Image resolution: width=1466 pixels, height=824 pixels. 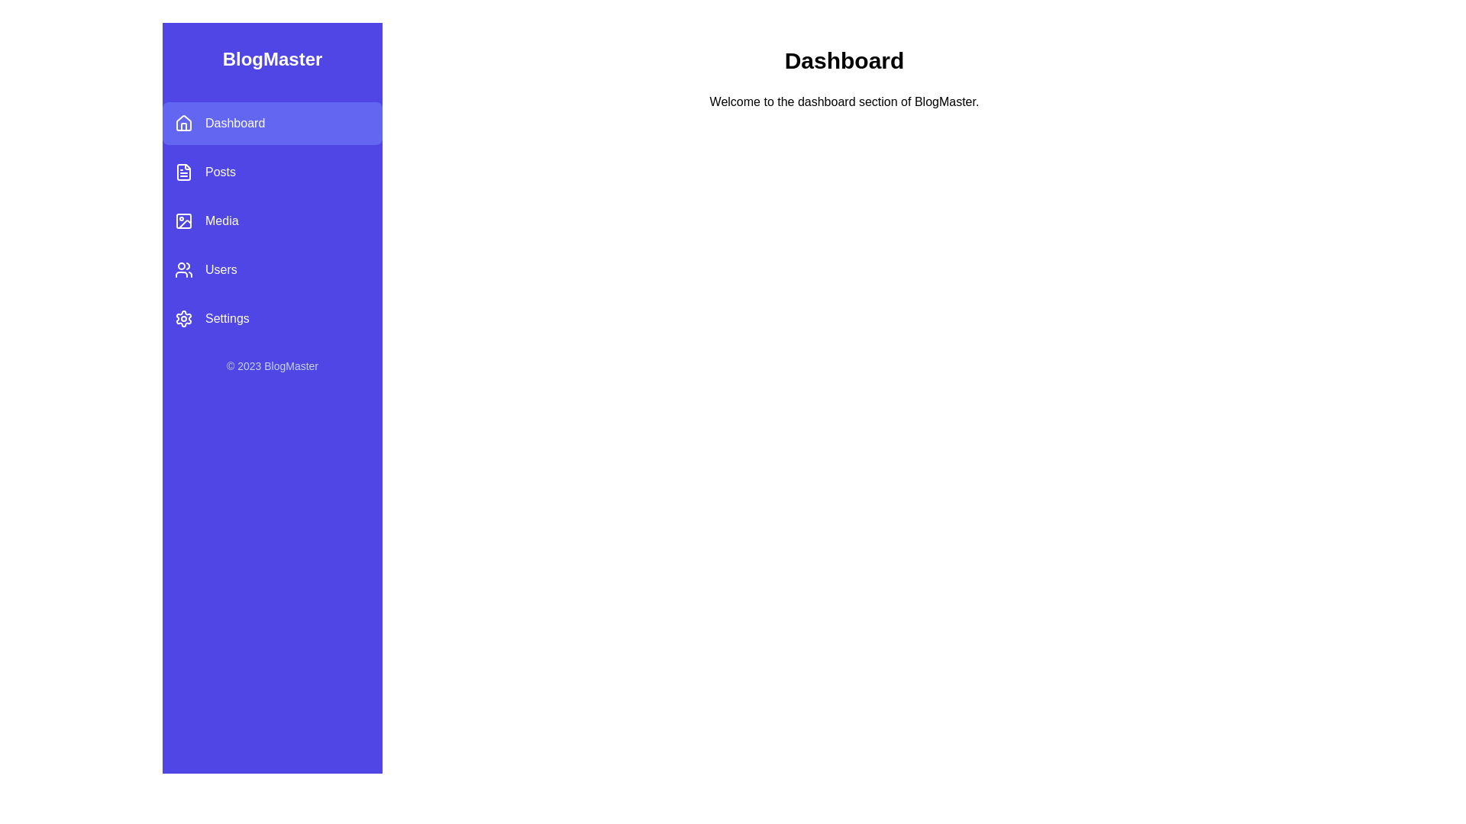 What do you see at coordinates (183, 122) in the screenshot?
I see `the Dashboard icon located in the sidebar menu, which visually signifies the Dashboard section of the application` at bounding box center [183, 122].